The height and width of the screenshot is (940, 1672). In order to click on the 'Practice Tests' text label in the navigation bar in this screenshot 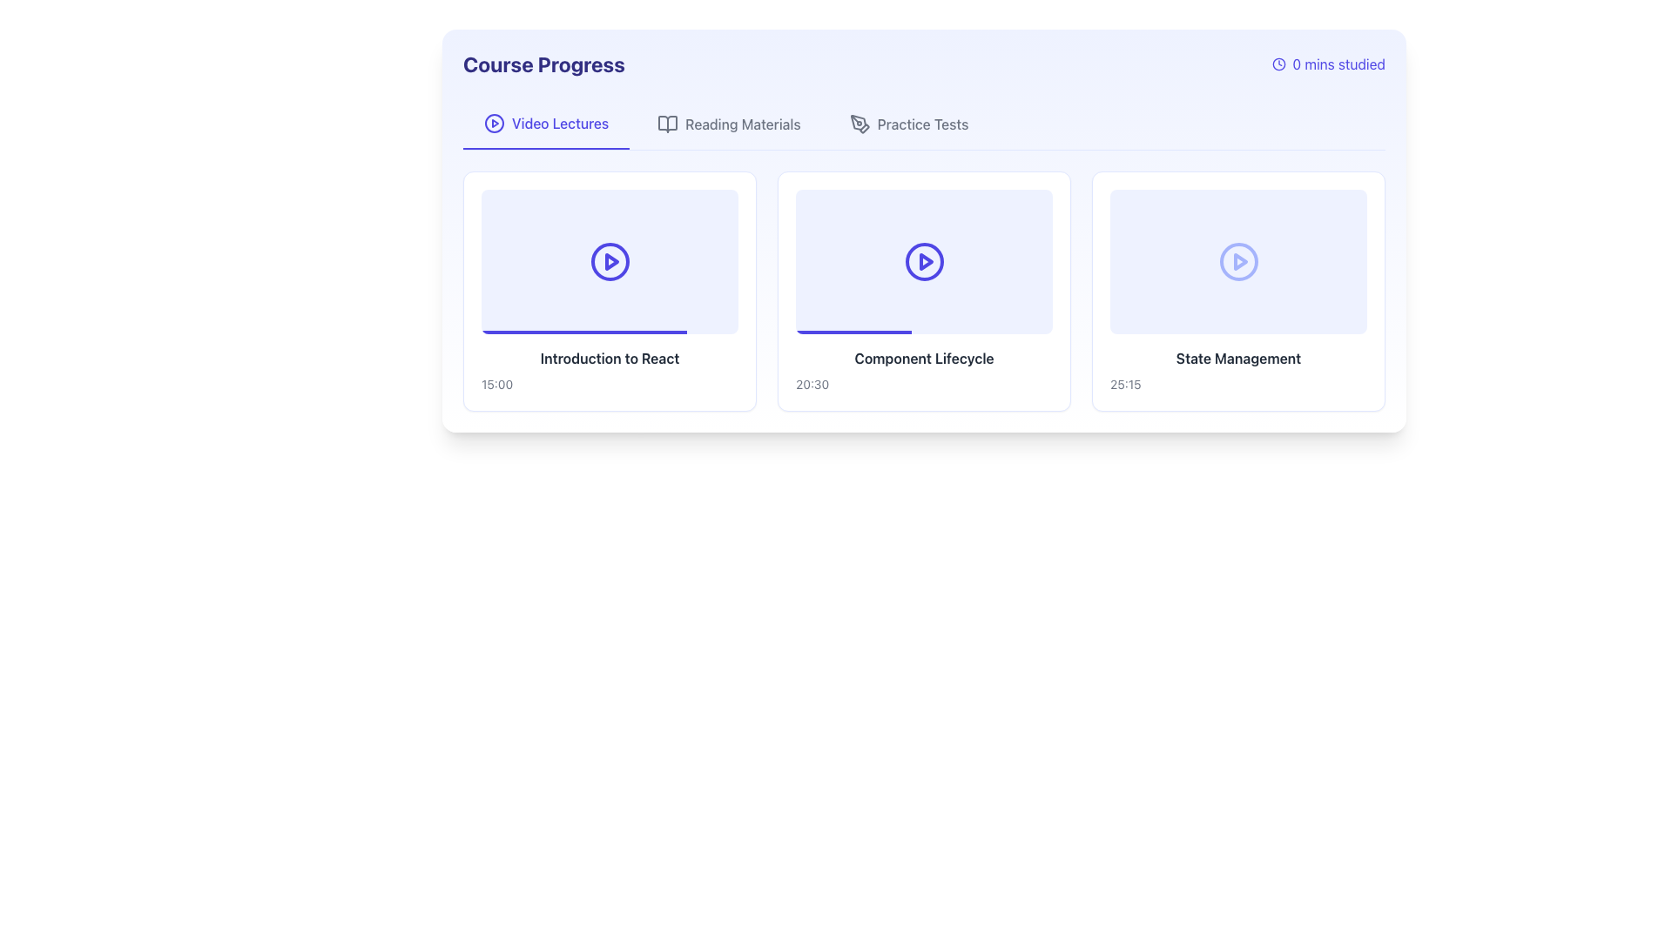, I will do `click(922, 123)`.